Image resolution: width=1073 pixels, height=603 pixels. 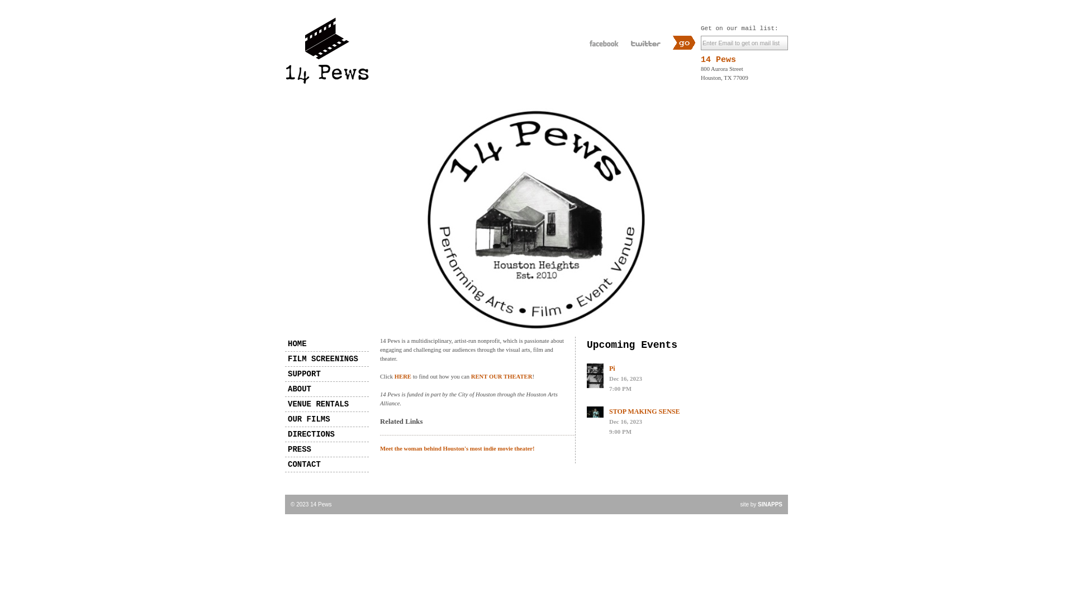 I want to click on 'Pi', so click(x=611, y=368).